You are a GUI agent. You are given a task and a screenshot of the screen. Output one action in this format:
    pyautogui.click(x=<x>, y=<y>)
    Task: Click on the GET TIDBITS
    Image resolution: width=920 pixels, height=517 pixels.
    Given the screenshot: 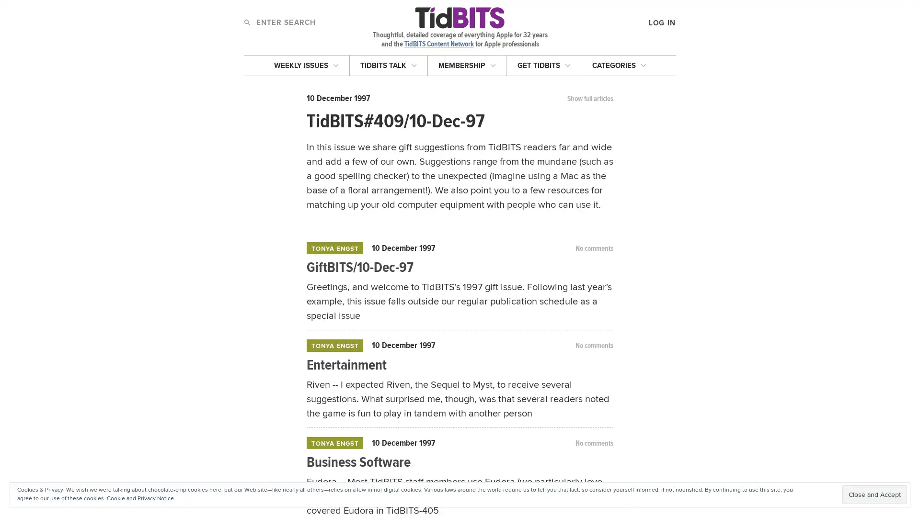 What is the action you would take?
    pyautogui.click(x=543, y=65)
    